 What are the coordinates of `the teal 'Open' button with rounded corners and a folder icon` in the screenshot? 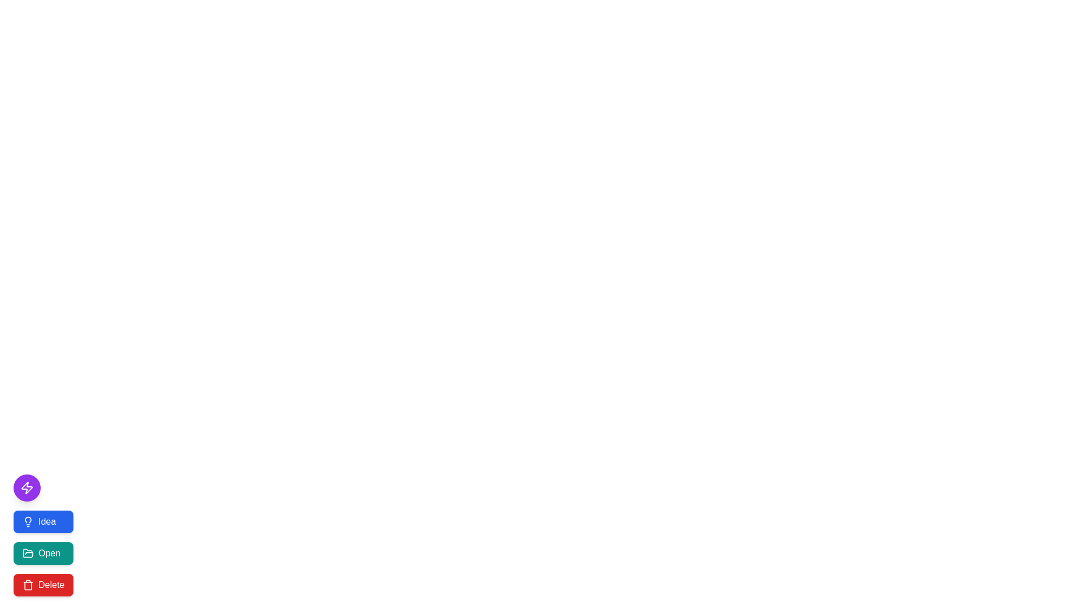 It's located at (44, 552).